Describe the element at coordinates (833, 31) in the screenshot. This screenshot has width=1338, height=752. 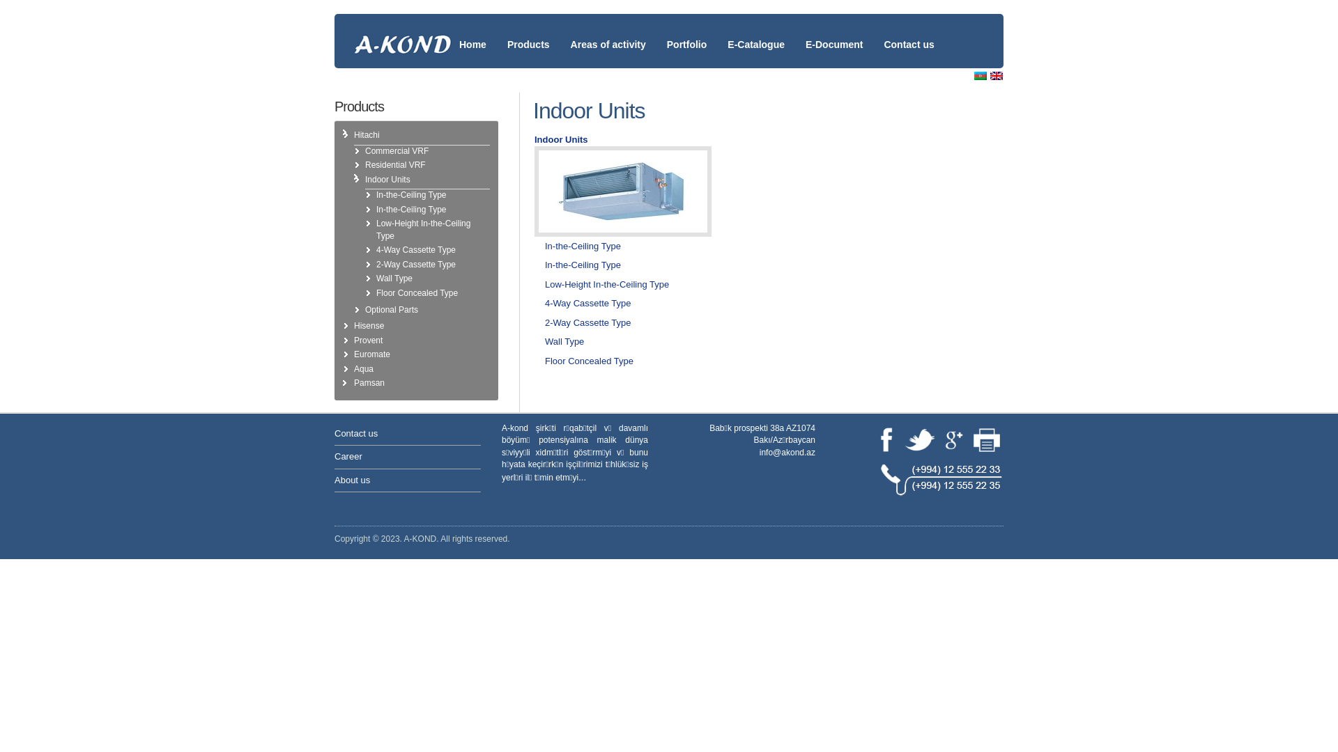
I see `'E-Document'` at that location.